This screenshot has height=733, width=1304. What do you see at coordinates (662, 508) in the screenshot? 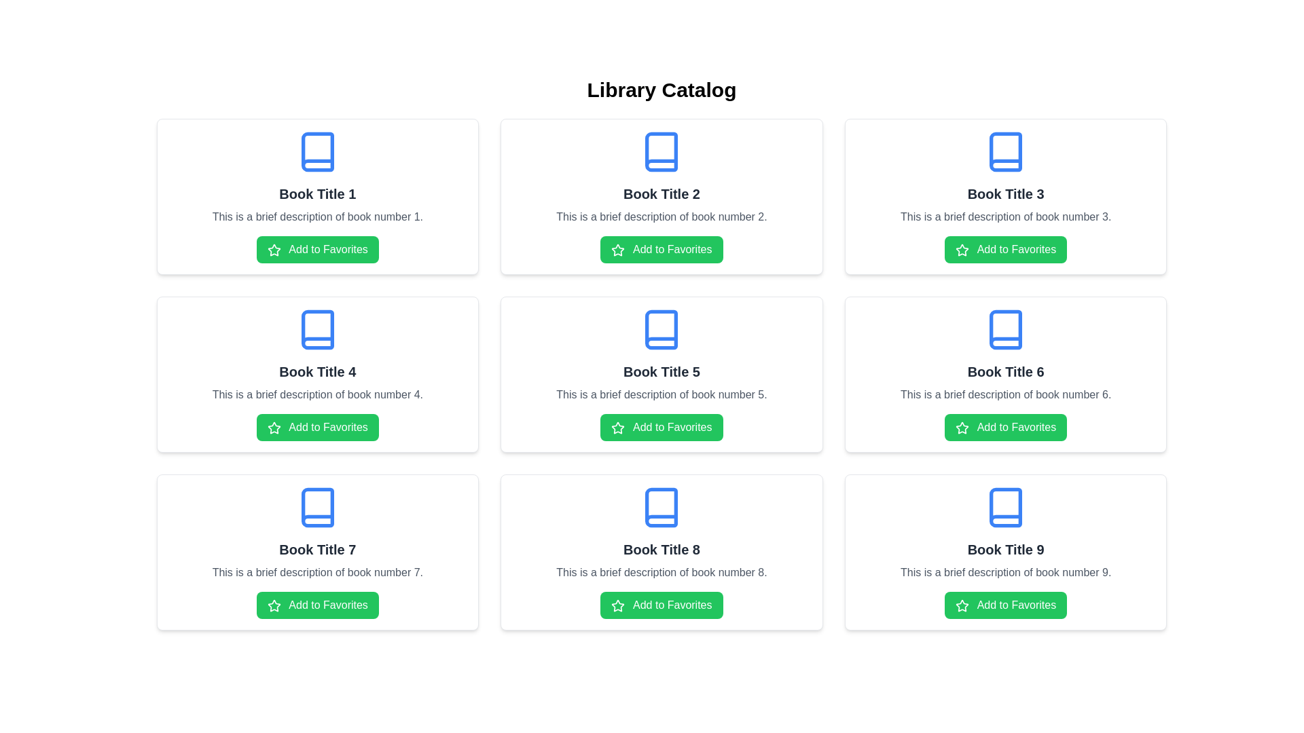
I see `the book icon with a blue outline and white background, located above the heading 'Book Title 8'` at bounding box center [662, 508].